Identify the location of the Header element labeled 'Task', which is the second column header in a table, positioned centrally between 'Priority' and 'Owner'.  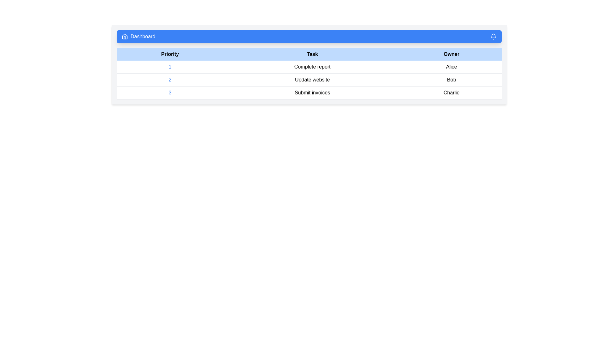
(312, 54).